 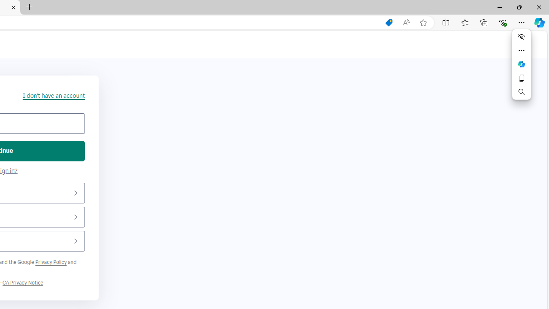 I want to click on 'Grammarly Privacy Policy', so click(x=23, y=283).